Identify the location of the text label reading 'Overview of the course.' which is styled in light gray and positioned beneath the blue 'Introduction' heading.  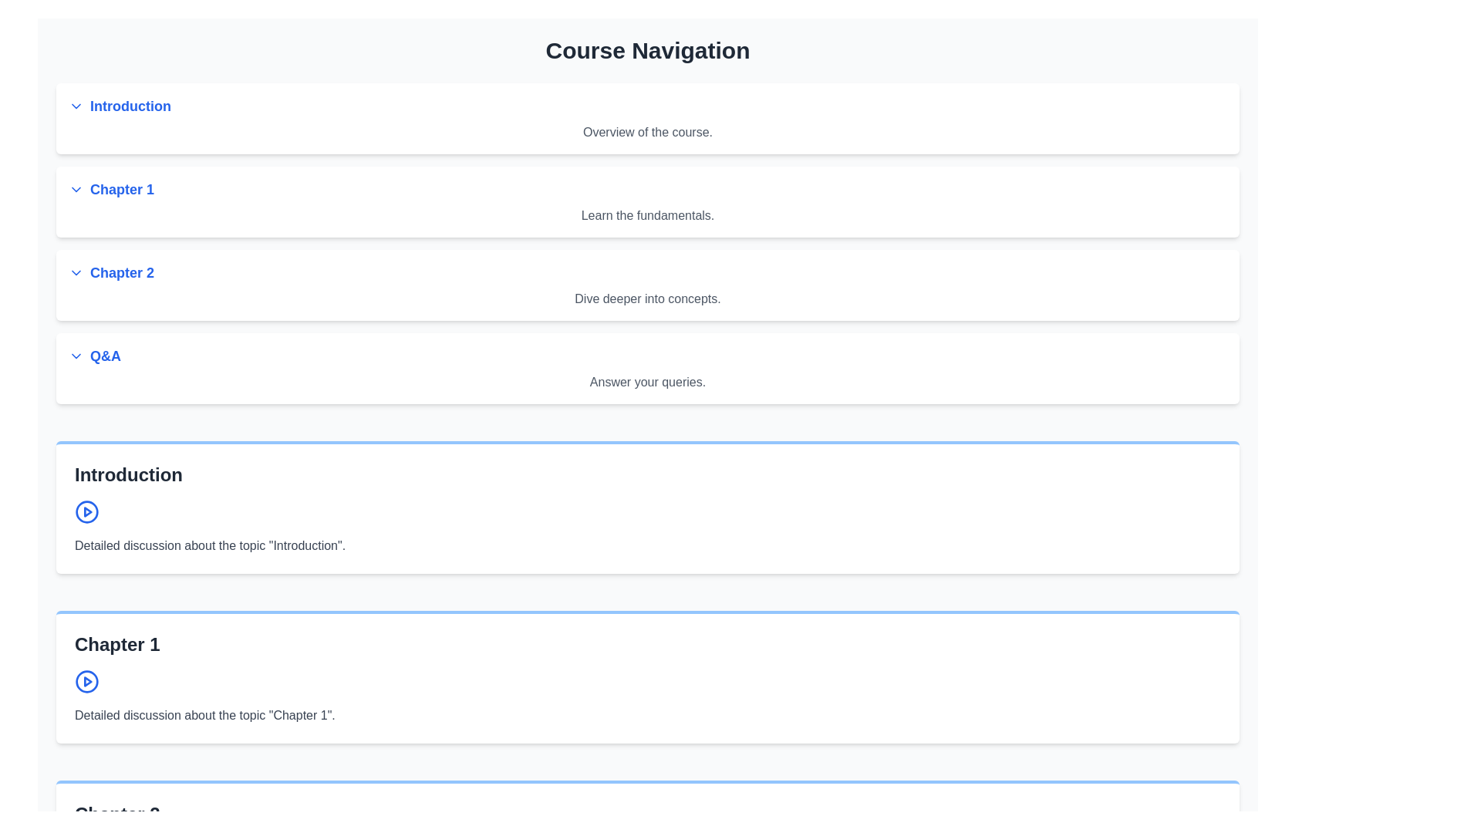
(648, 132).